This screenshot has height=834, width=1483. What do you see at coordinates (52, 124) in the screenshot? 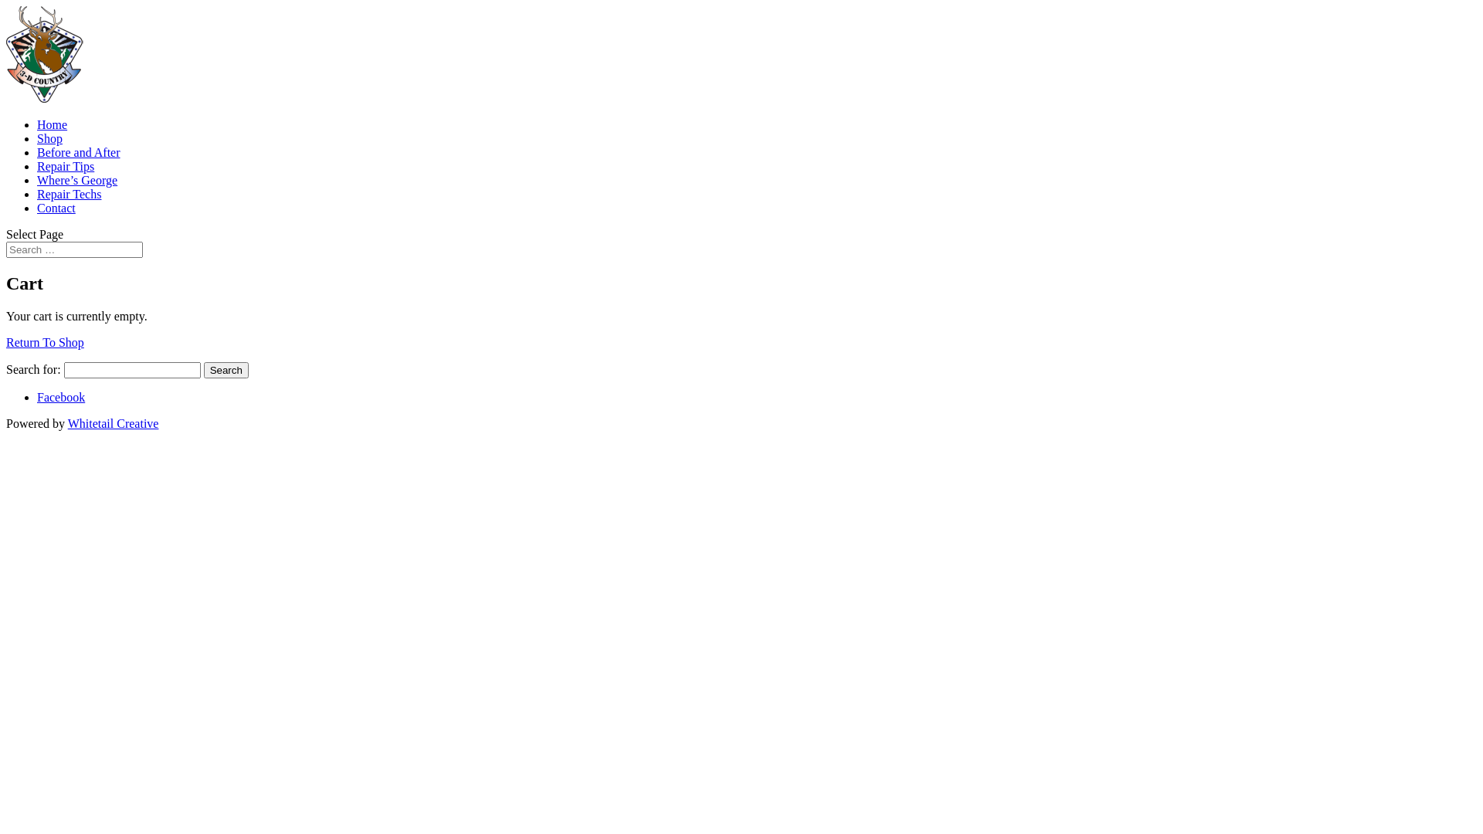
I see `'Home'` at bounding box center [52, 124].